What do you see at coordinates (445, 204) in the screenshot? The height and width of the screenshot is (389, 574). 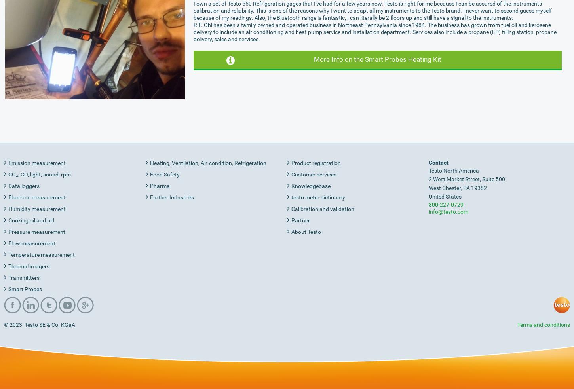 I see `'800-227-0729'` at bounding box center [445, 204].